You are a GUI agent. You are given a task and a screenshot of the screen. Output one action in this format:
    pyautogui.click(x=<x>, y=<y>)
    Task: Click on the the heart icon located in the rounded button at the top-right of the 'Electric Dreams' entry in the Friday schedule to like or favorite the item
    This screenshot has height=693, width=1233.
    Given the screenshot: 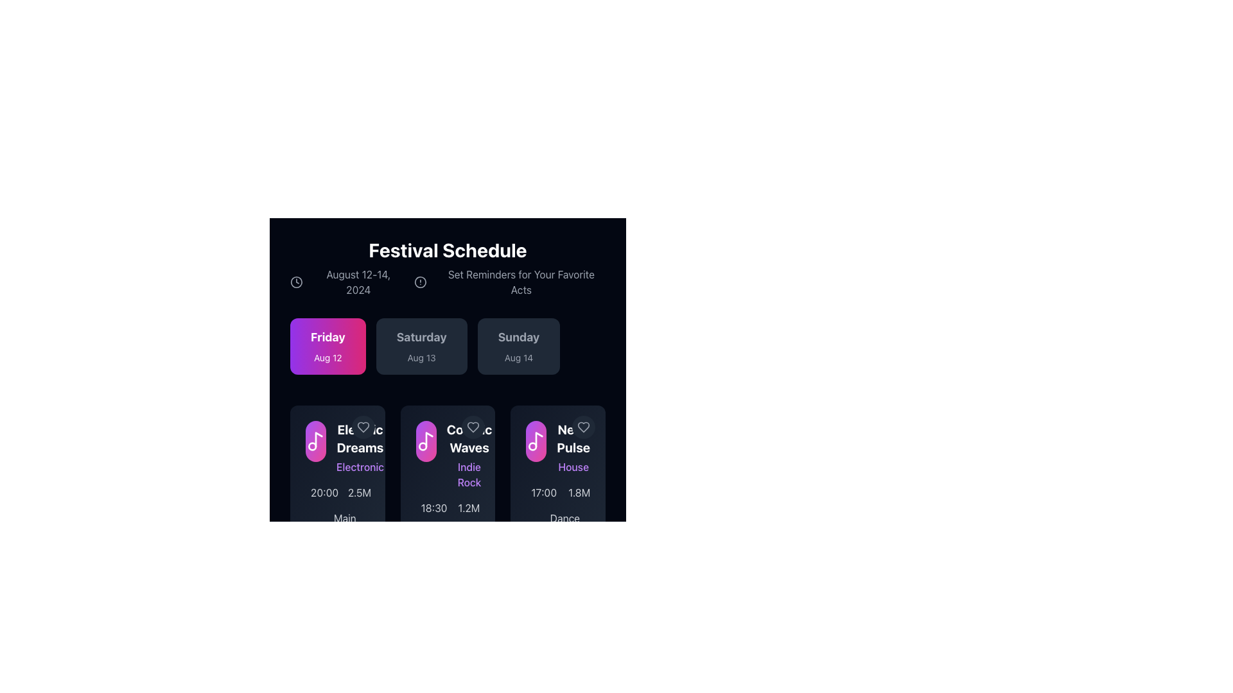 What is the action you would take?
    pyautogui.click(x=362, y=427)
    